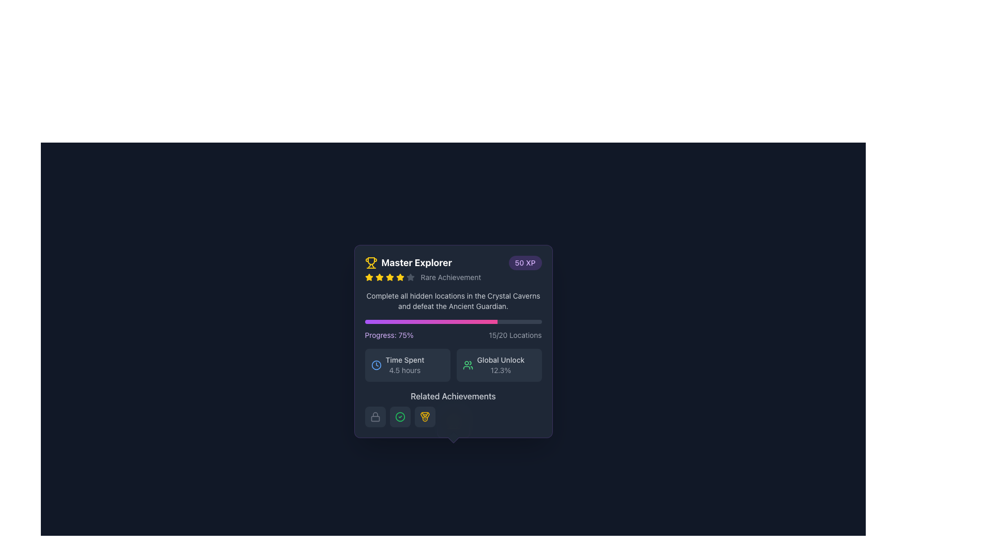 This screenshot has height=558, width=993. Describe the element at coordinates (374, 416) in the screenshot. I see `the lock icon, which is a light gray graphical icon located at the bottom of an informational card, centered within a circular button-like area` at that location.